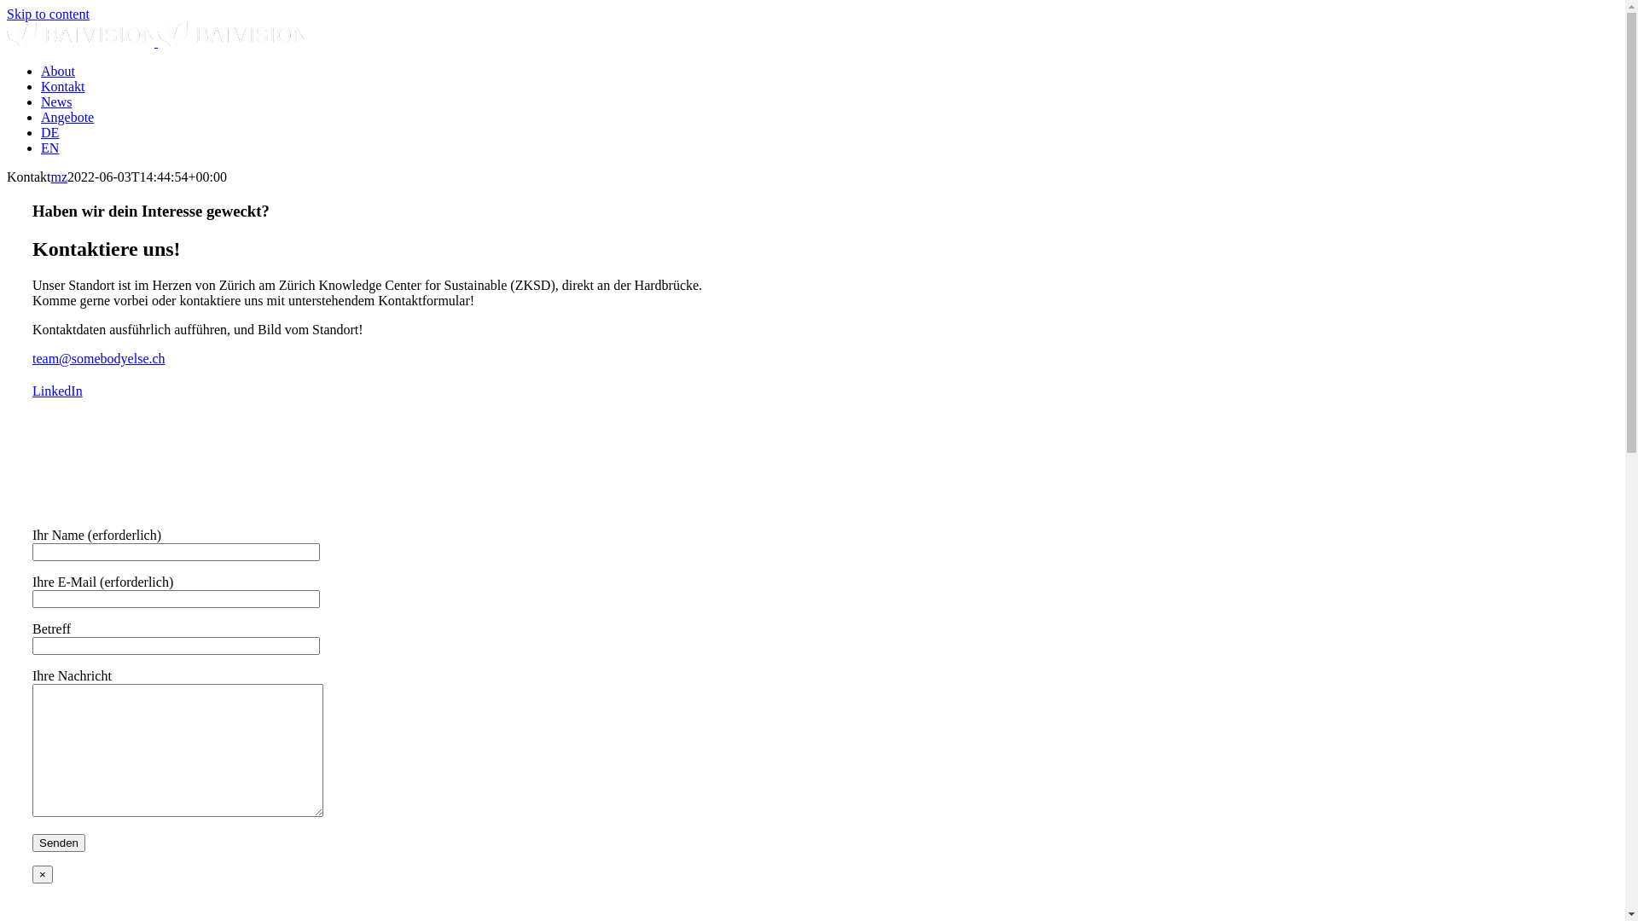 This screenshot has width=1638, height=921. Describe the element at coordinates (57, 70) in the screenshot. I see `'About'` at that location.